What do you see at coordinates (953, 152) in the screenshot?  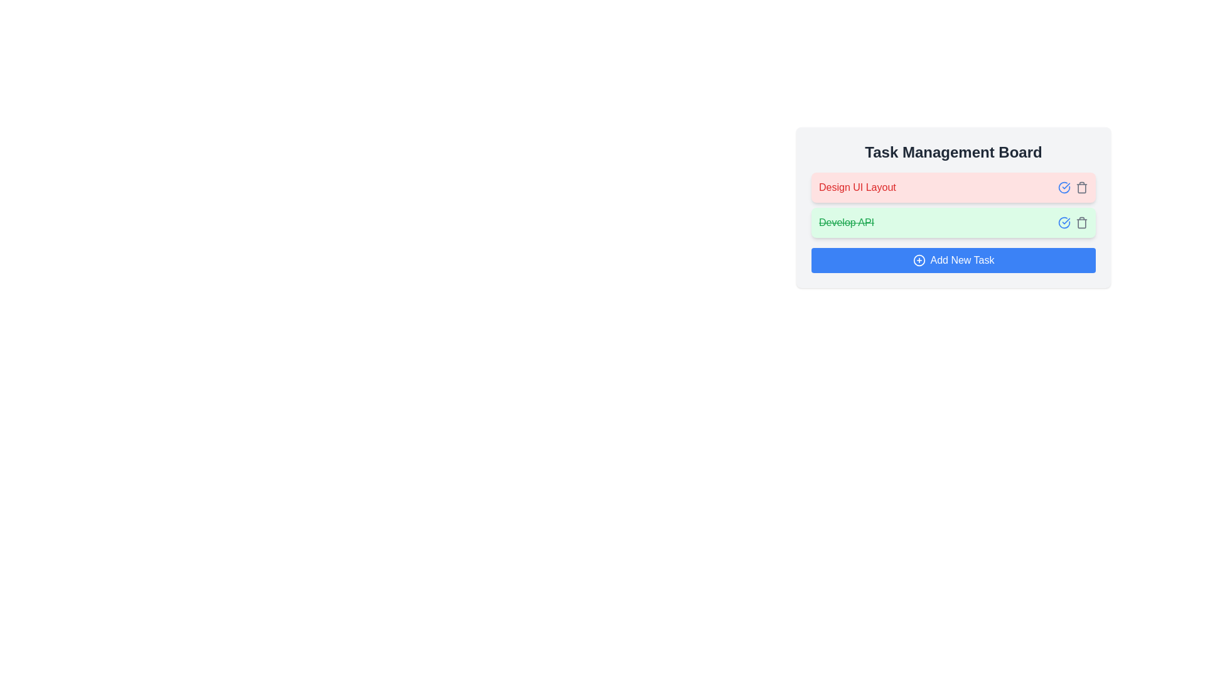 I see `the static text header that serves as the title for the task management board interface` at bounding box center [953, 152].